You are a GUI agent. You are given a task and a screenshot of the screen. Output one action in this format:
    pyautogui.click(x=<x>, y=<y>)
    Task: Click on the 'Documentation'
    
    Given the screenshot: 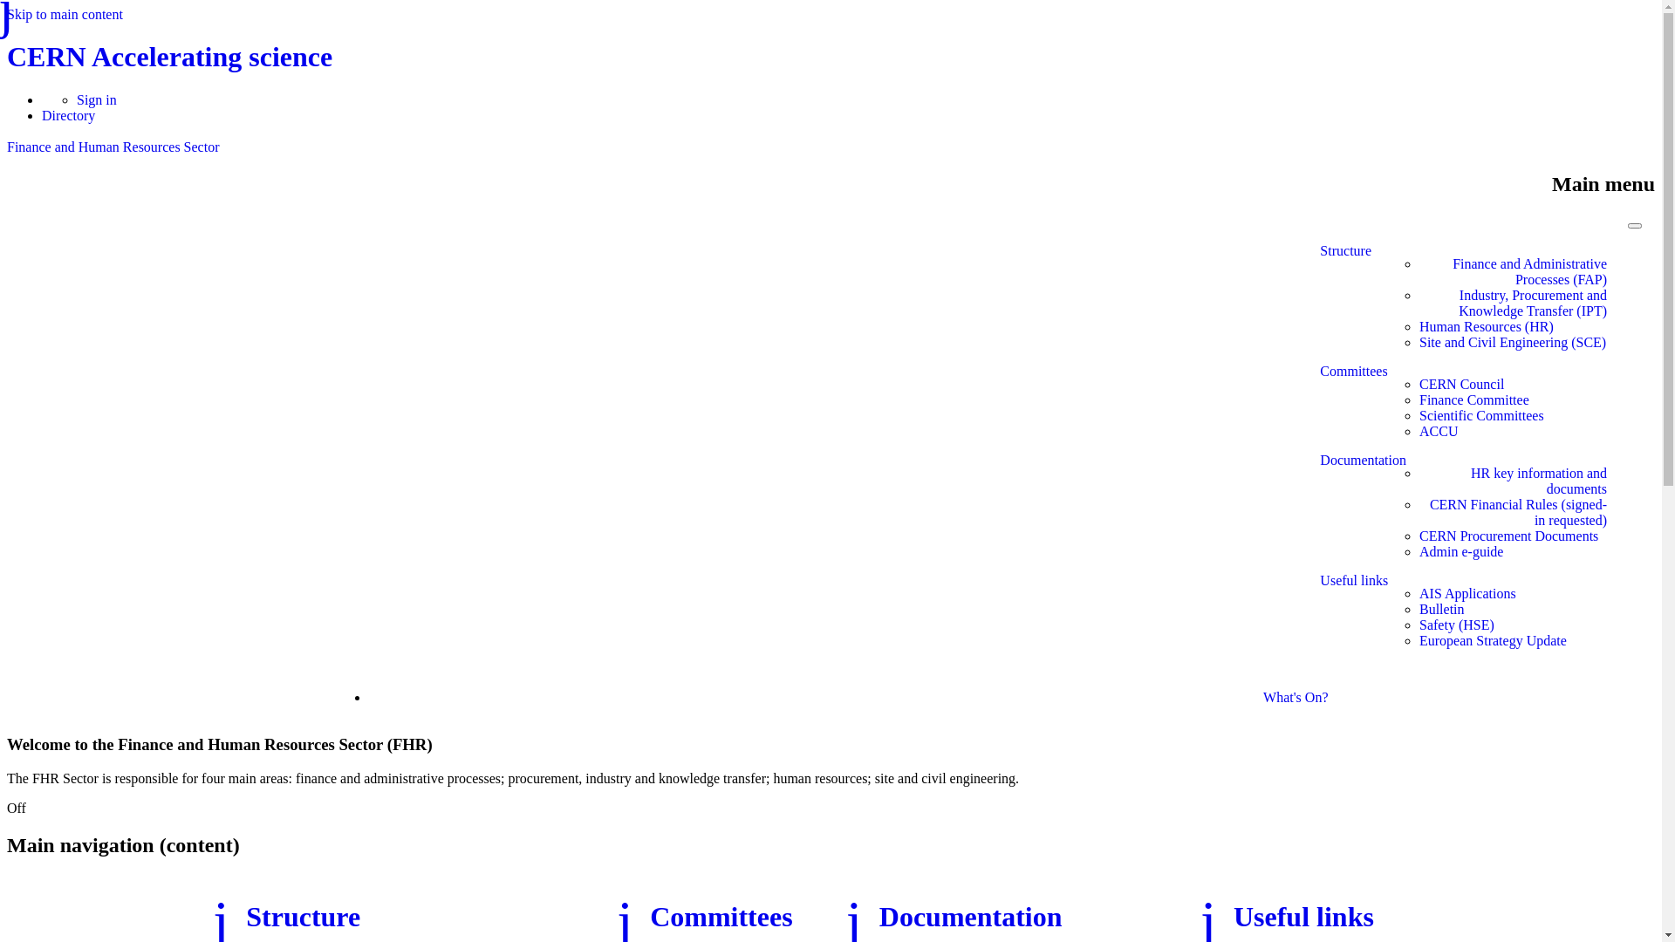 What is the action you would take?
    pyautogui.click(x=970, y=915)
    